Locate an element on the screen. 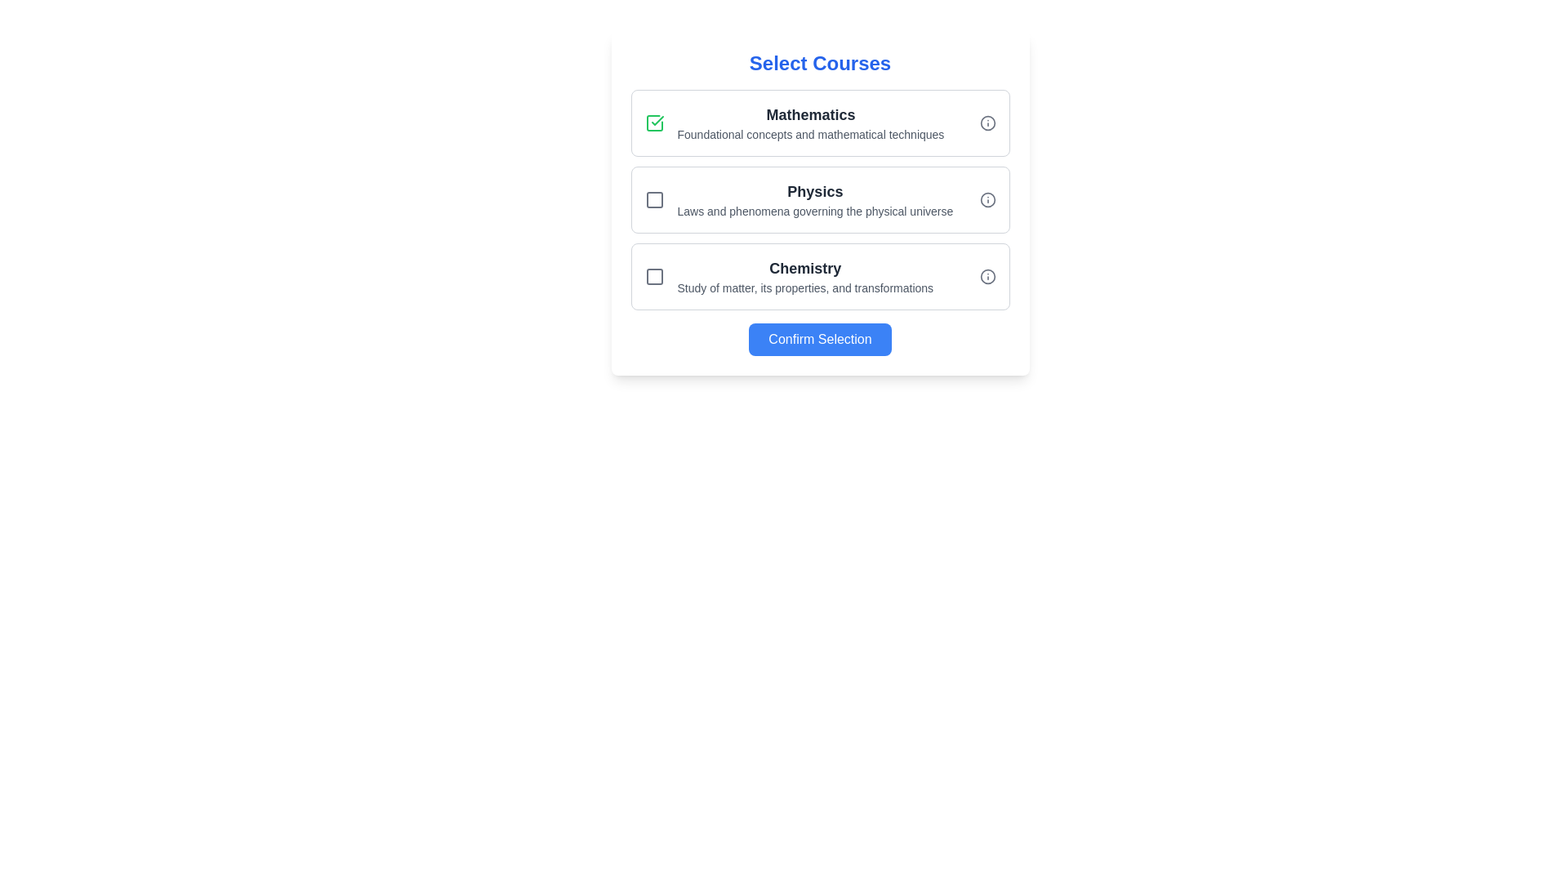 The width and height of the screenshot is (1568, 882). the icon located at the top-right corner of the 'Chemistry' course selection row, which provides supplementary details or hints about the course is located at coordinates (987, 276).